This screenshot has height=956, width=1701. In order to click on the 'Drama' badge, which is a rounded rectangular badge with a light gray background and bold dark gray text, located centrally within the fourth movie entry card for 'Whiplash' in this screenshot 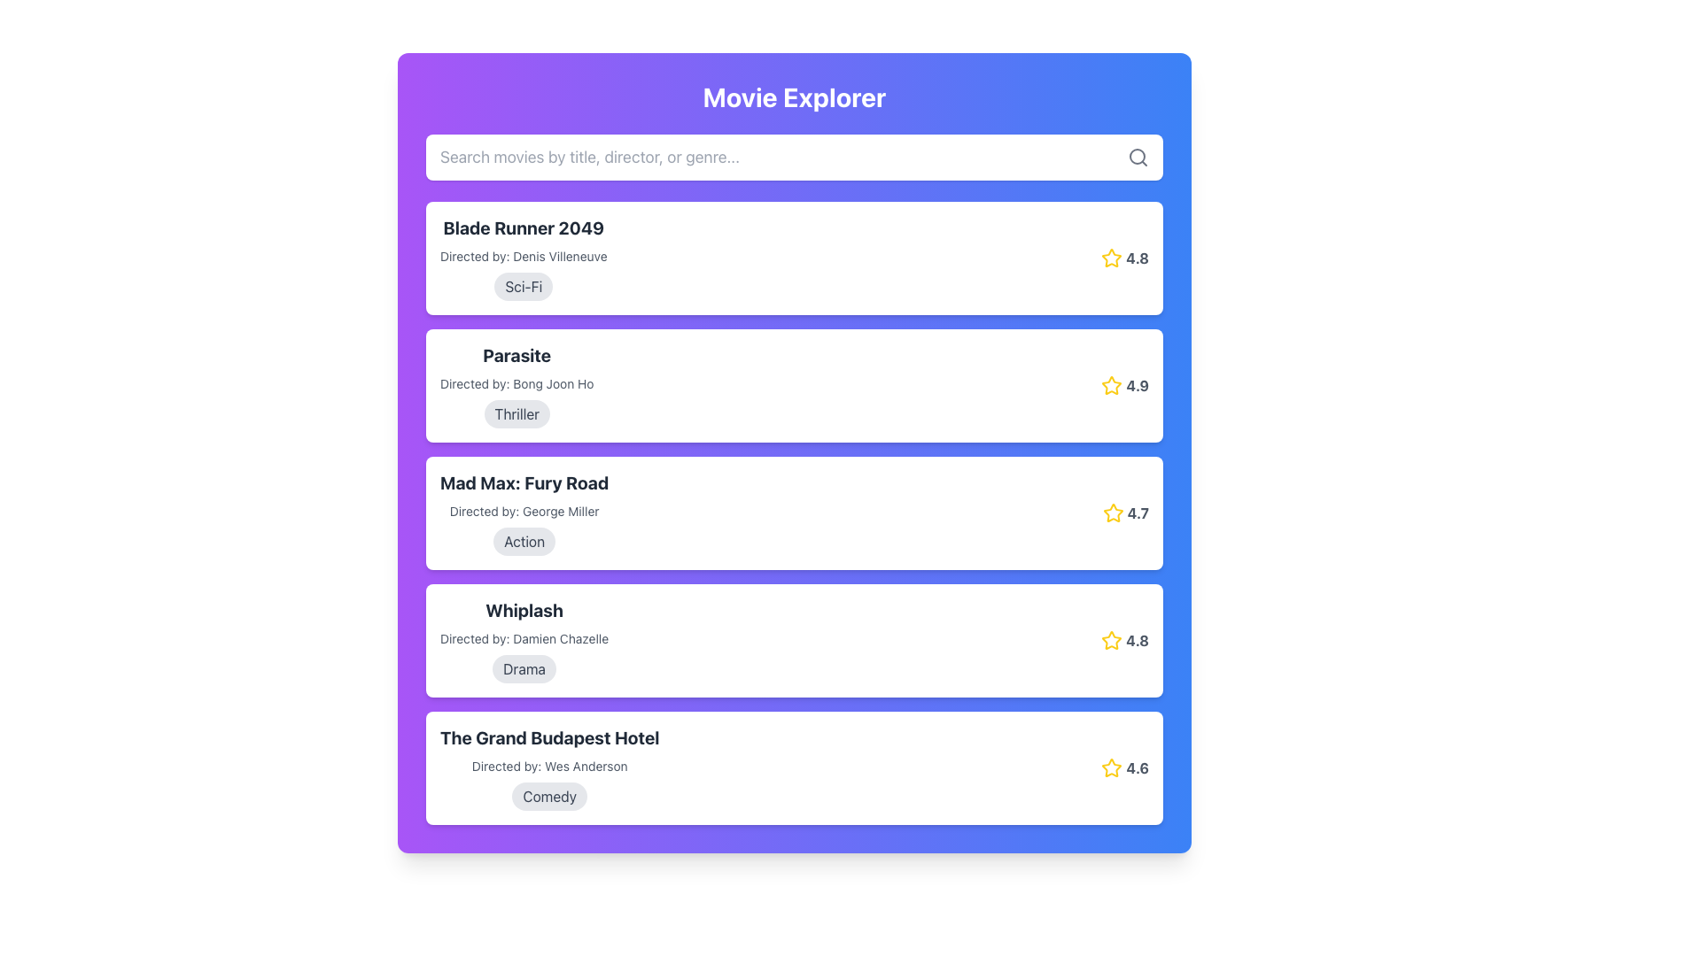, I will do `click(524, 669)`.